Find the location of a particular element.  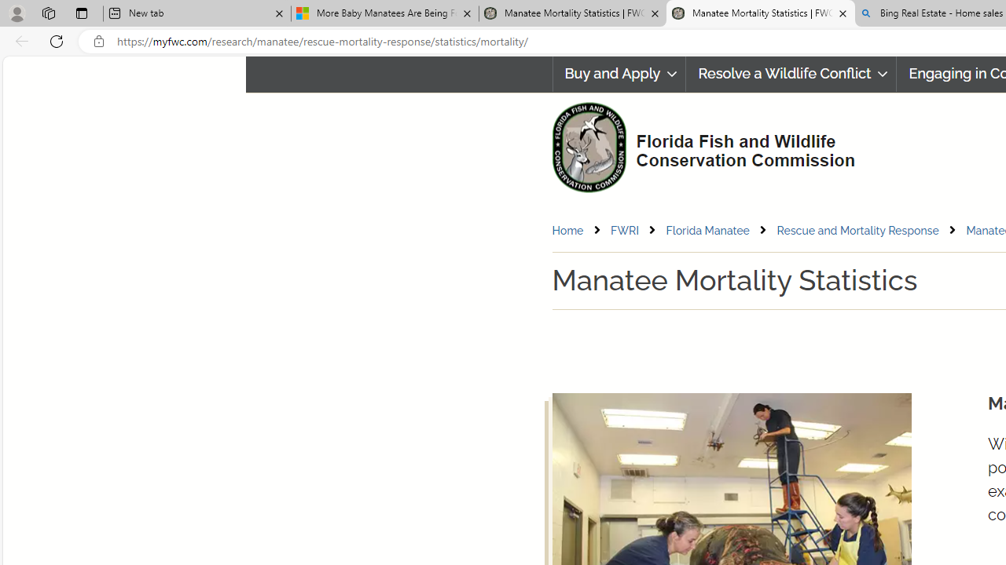

'Buy and Apply' is located at coordinates (618, 74).